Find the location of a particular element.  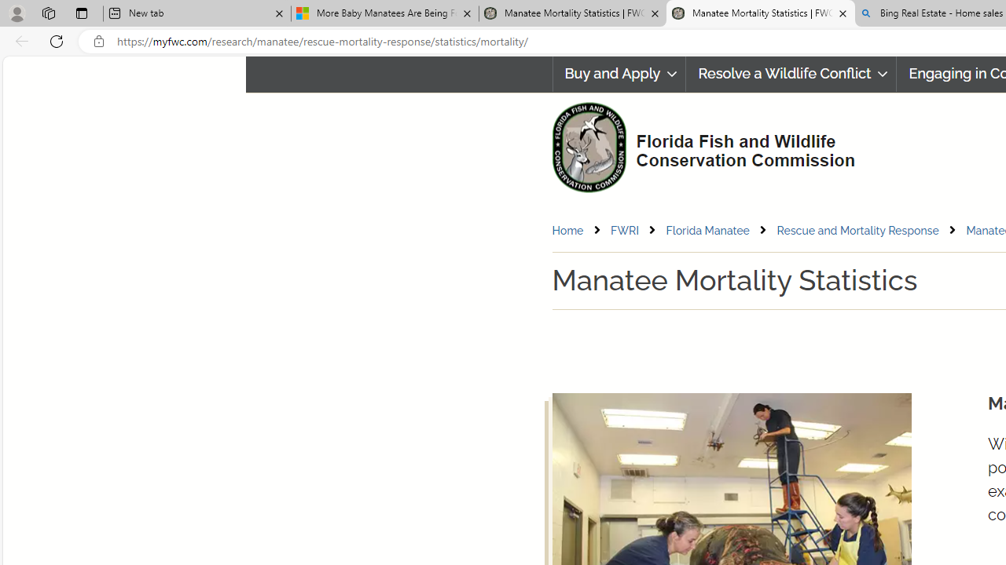

'Buy and Apply' is located at coordinates (618, 74).